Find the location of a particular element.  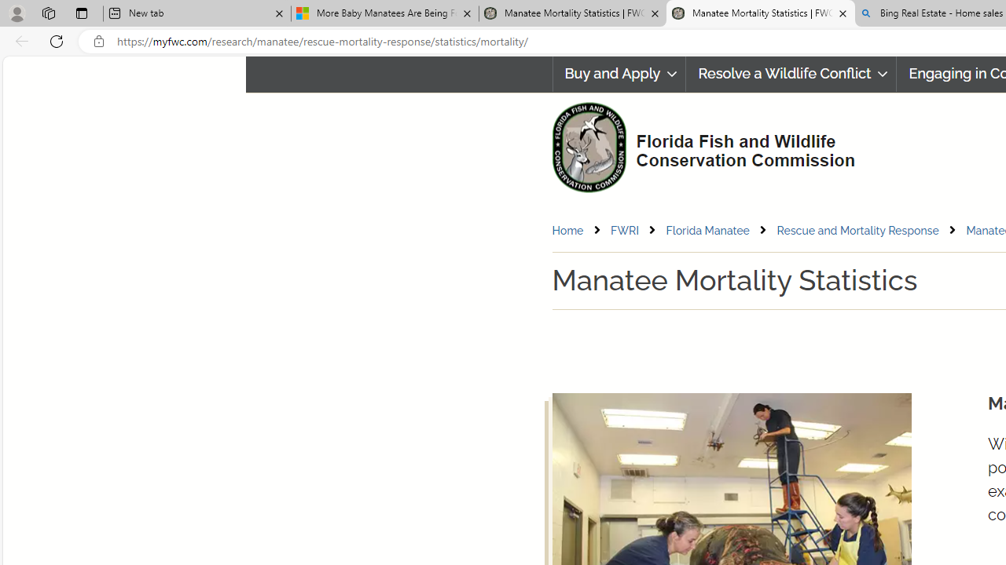

'Buy and Apply' is located at coordinates (618, 74).